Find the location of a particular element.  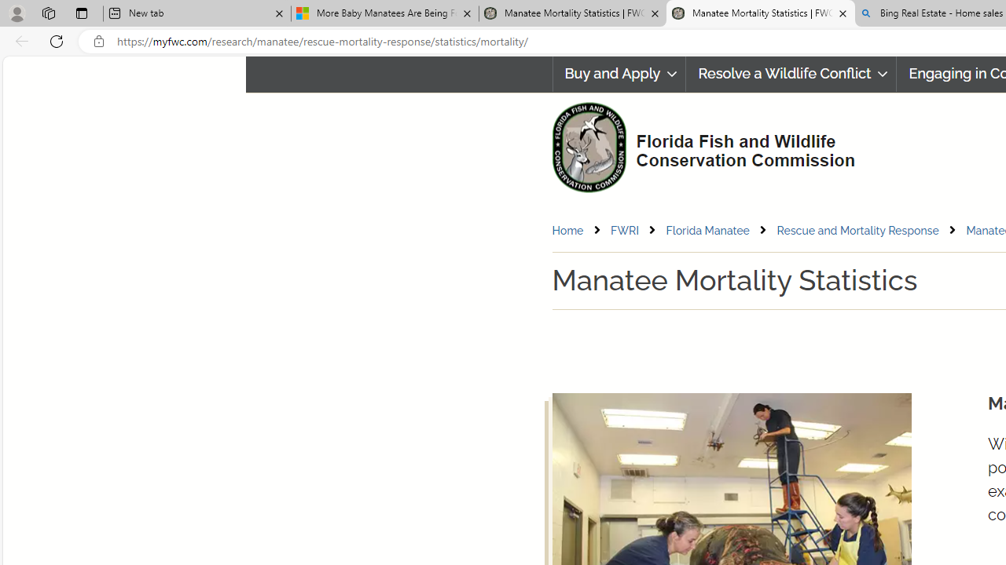

'Buy and Apply' is located at coordinates (618, 74).